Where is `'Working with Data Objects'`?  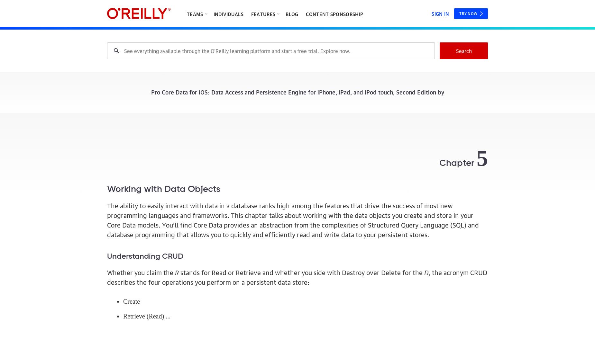 'Working with Data Objects' is located at coordinates (107, 189).